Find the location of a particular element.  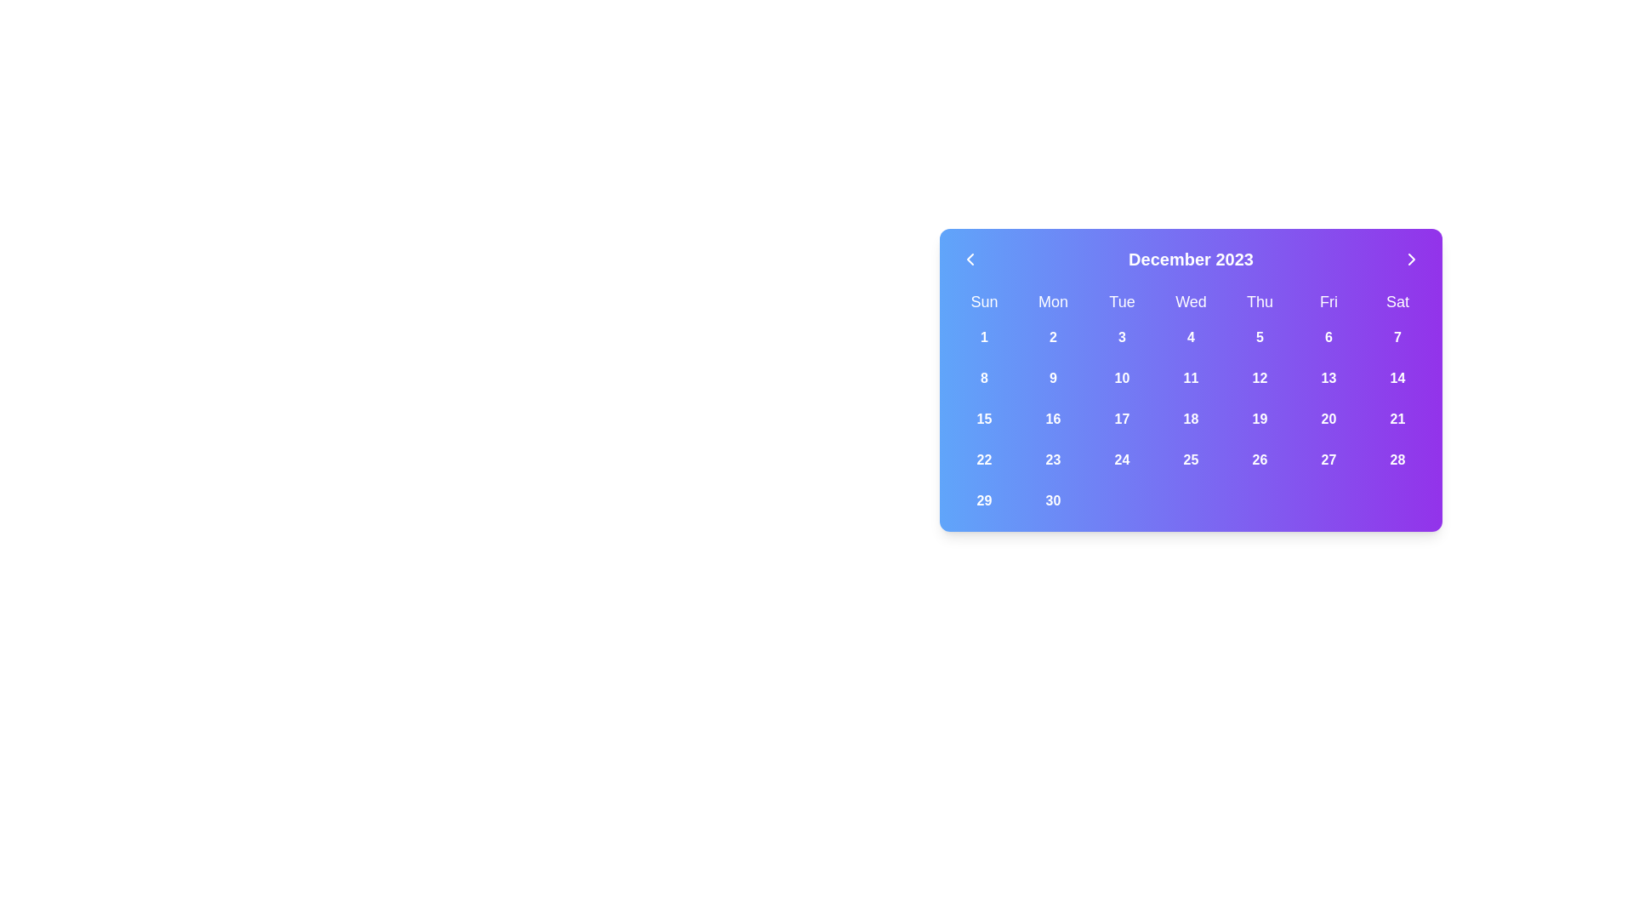

a specific date in the calendar grid displayed below the title 'December 2023' is located at coordinates (1190, 403).